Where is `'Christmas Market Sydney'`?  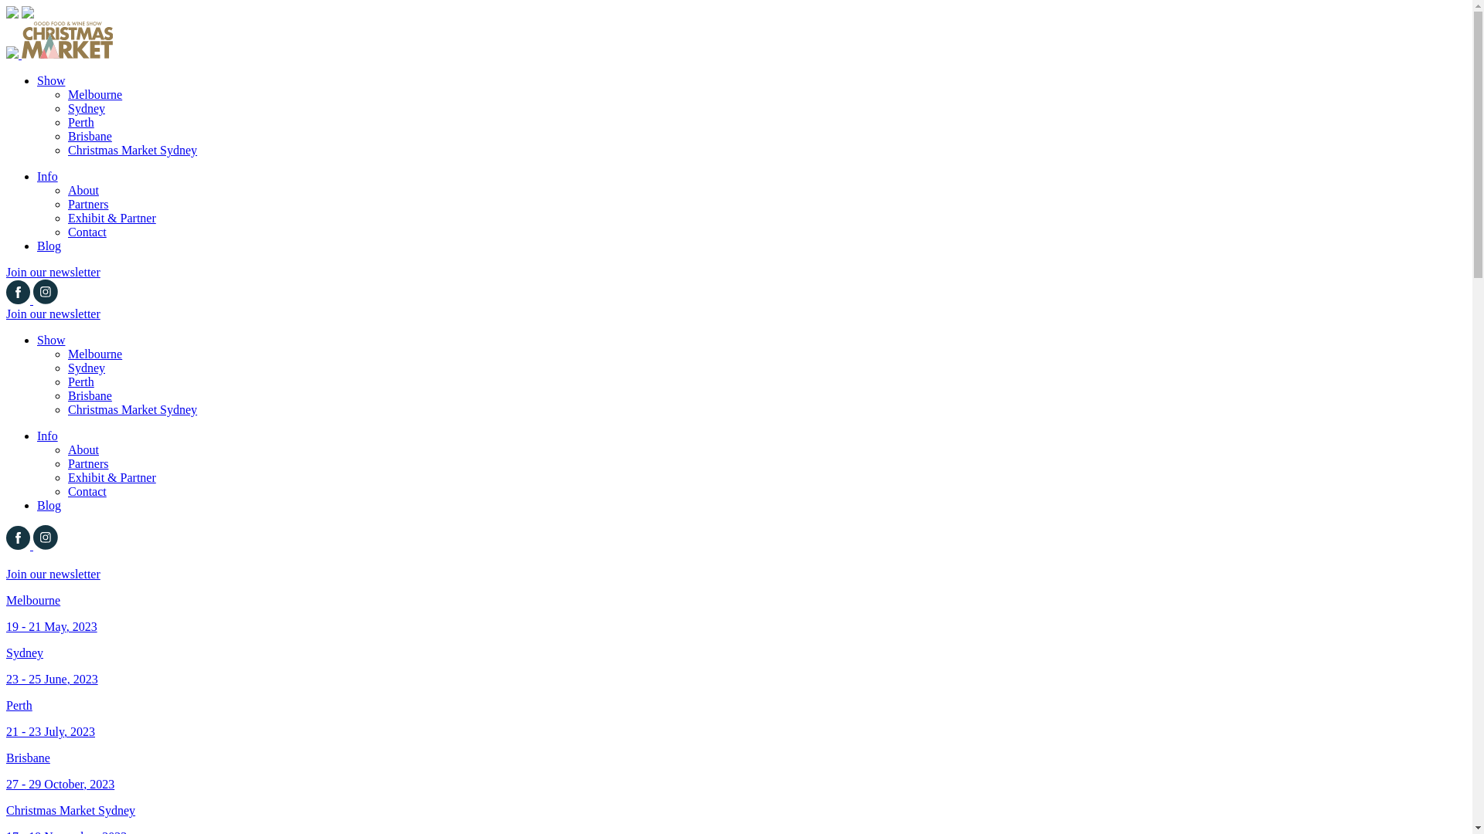 'Christmas Market Sydney' is located at coordinates (66, 409).